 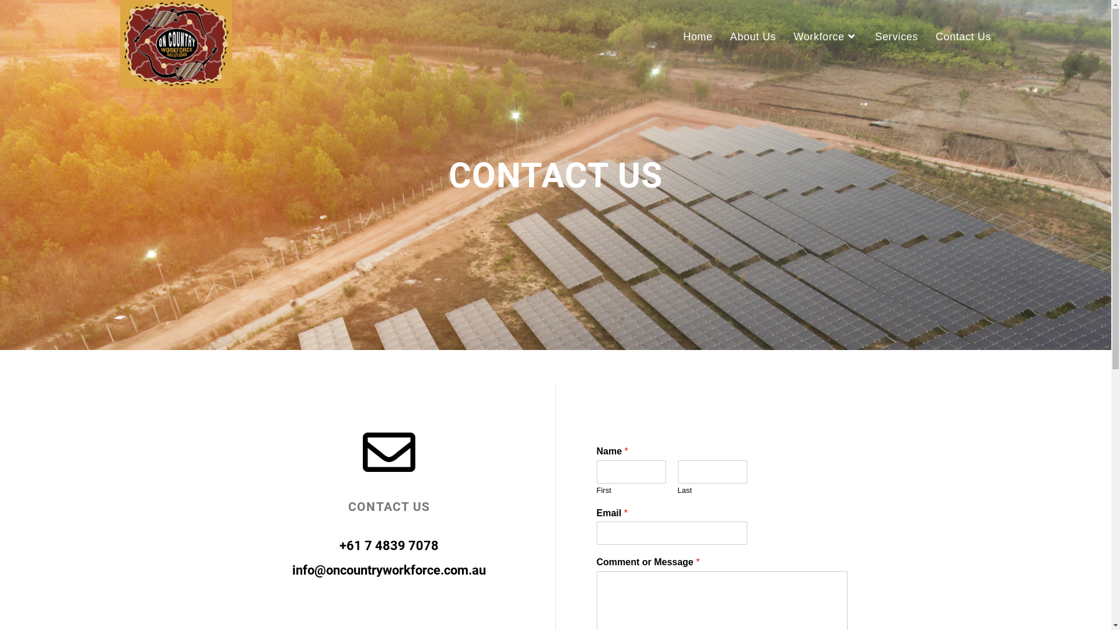 I want to click on 'About Us', so click(x=721, y=36).